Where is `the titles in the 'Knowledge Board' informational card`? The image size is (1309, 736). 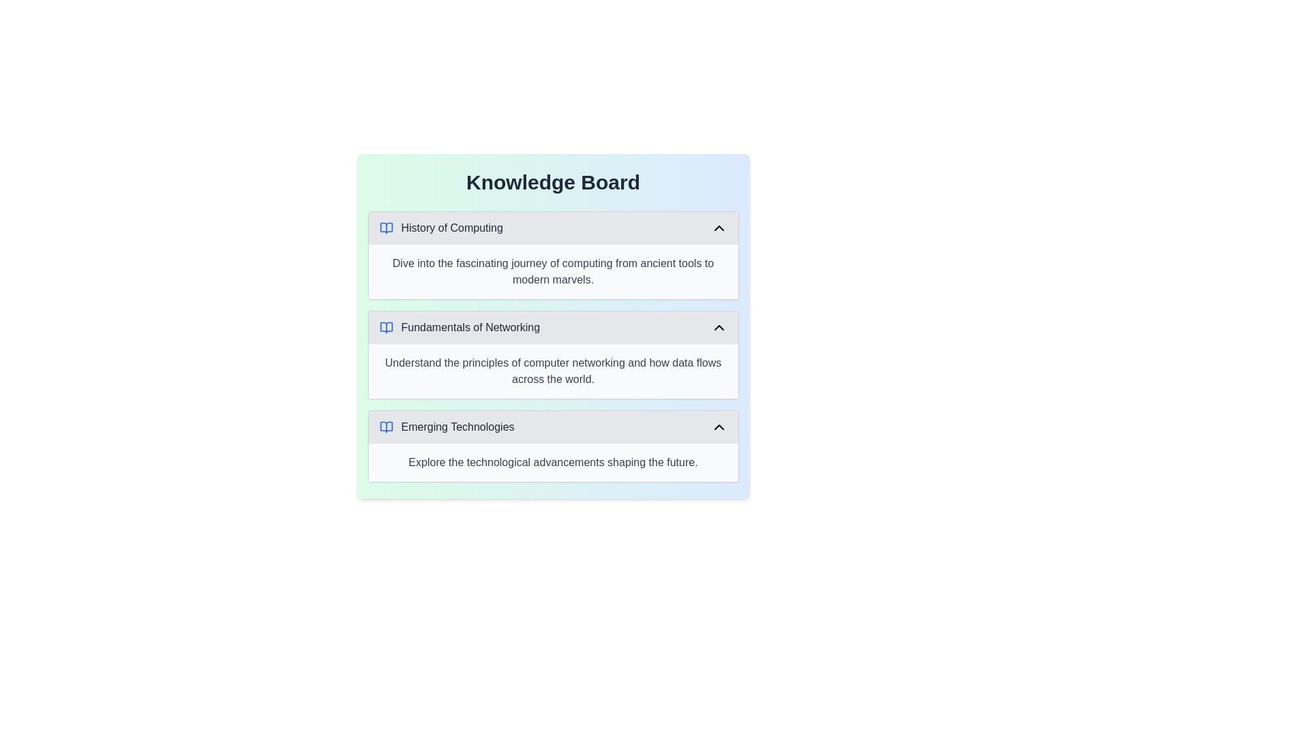 the titles in the 'Knowledge Board' informational card is located at coordinates (553, 326).